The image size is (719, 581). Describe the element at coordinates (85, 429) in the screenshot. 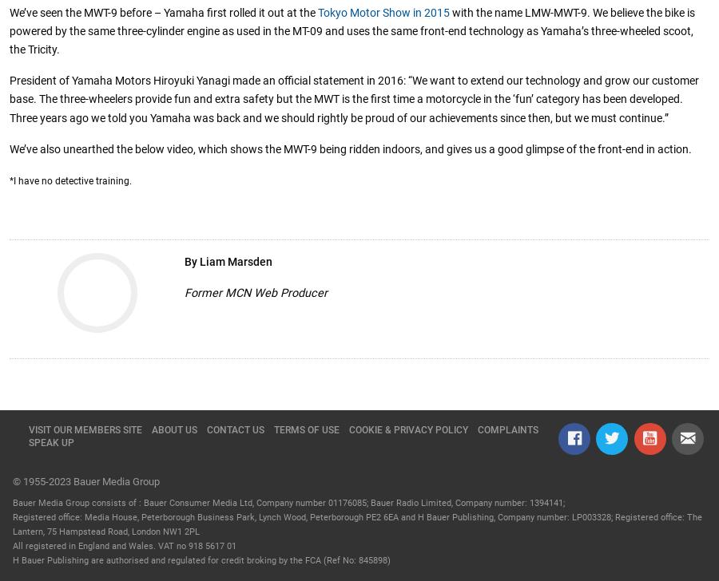

I see `'Visit our members site'` at that location.